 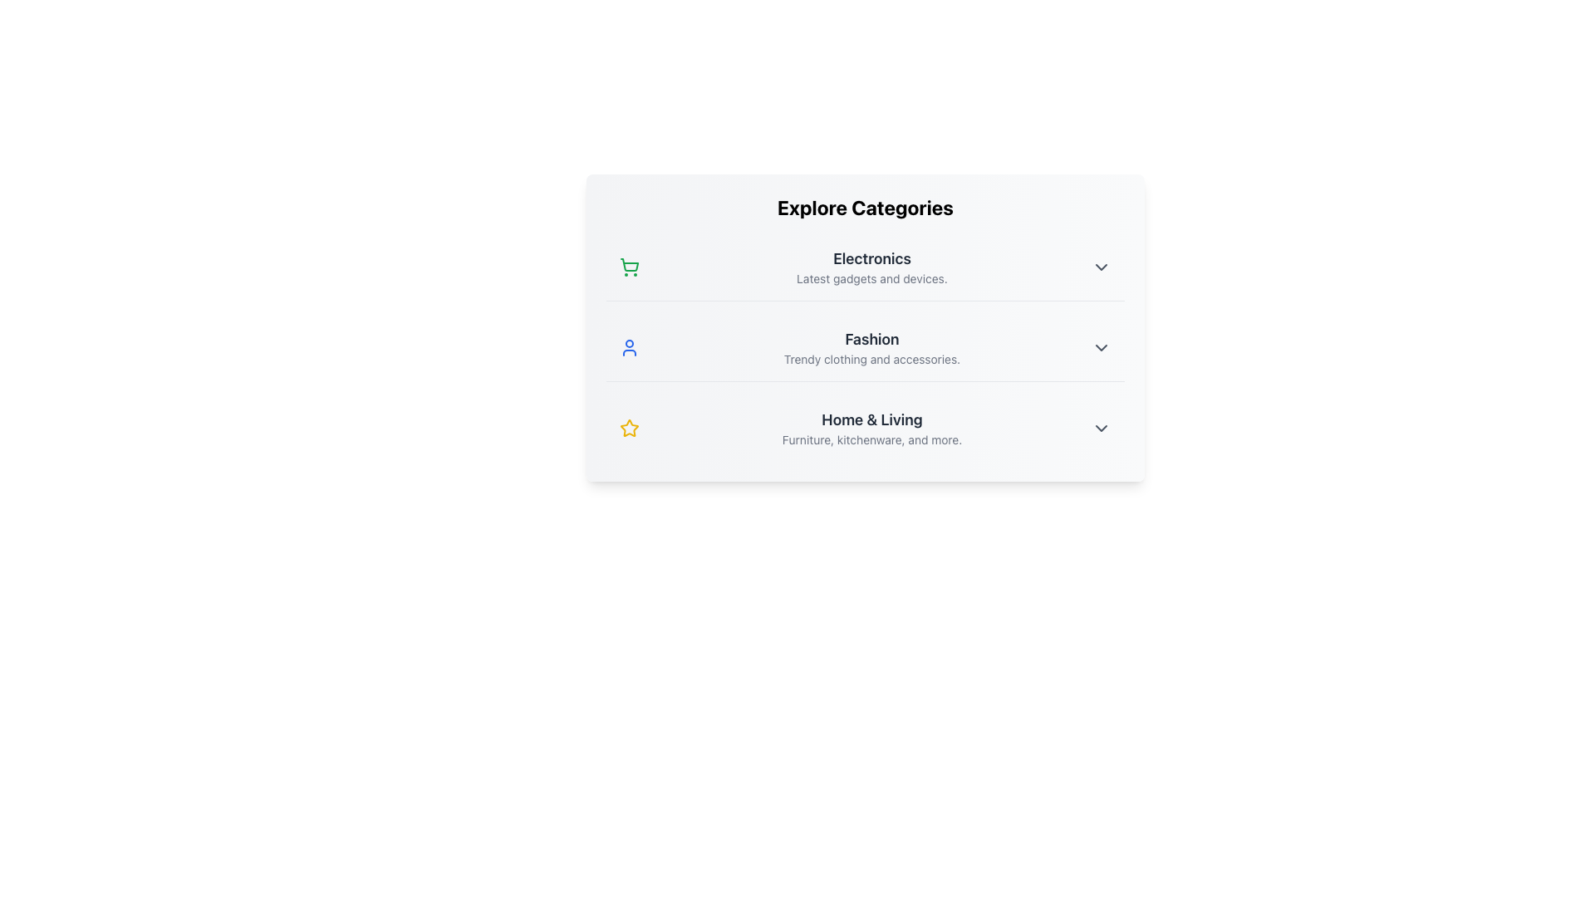 What do you see at coordinates (629, 428) in the screenshot?
I see `the star icon with a yellow outline, which is located to the left of the 'Home & Living' text within its card layout` at bounding box center [629, 428].